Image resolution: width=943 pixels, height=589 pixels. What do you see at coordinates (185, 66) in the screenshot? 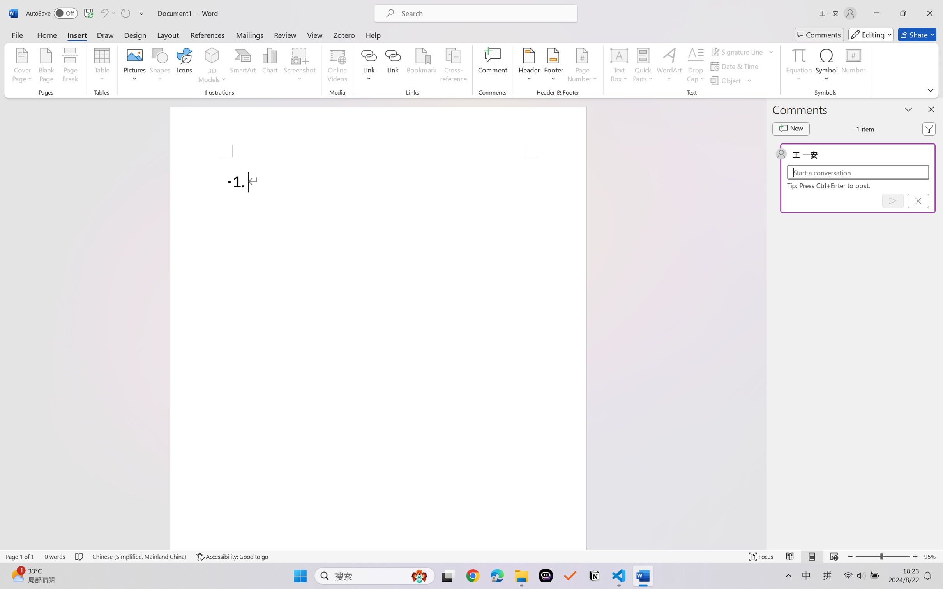
I see `'Icons'` at bounding box center [185, 66].